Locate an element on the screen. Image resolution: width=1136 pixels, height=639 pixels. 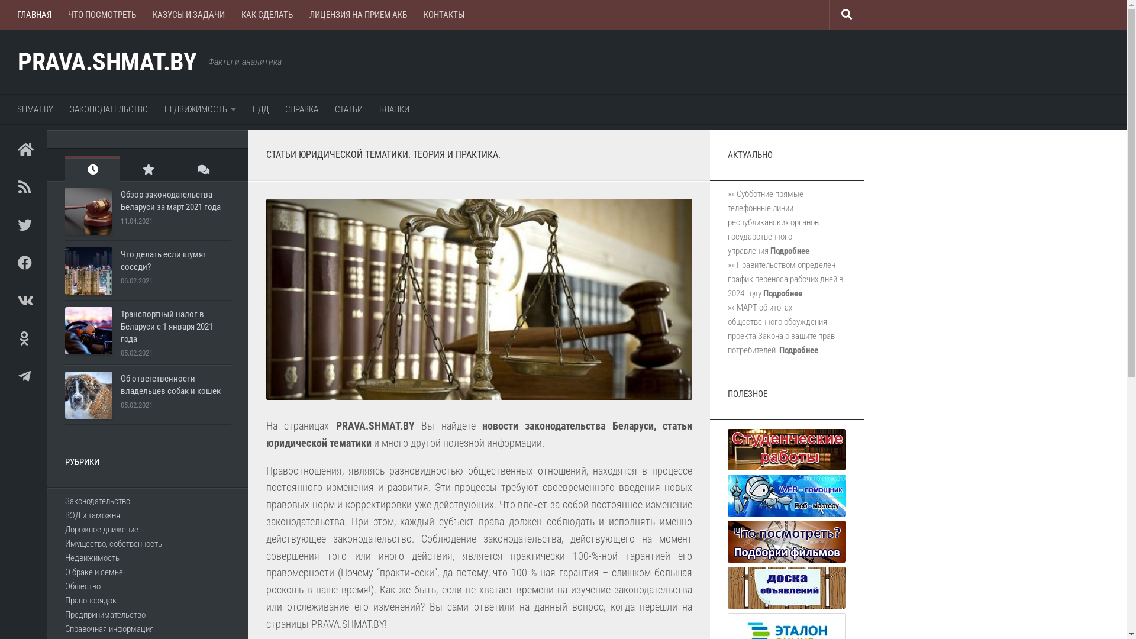
'PRAVA.SHMAT.BY' is located at coordinates (107, 62).